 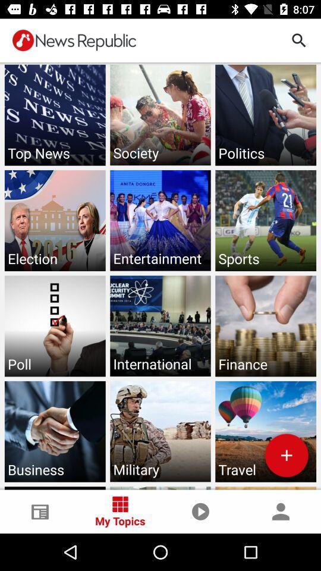 I want to click on option between election and sports, so click(x=160, y=220).